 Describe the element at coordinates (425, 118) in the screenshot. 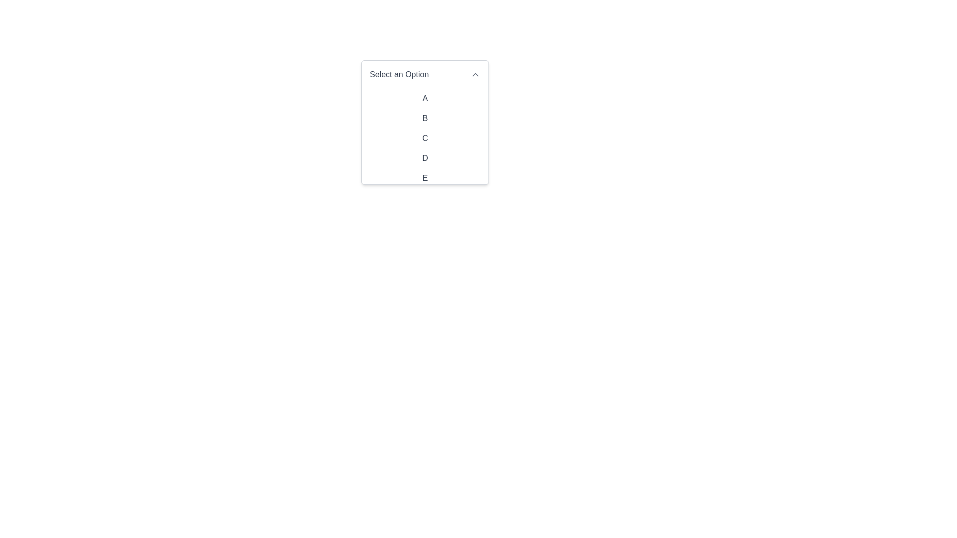

I see `the 'Text' option in the dropdown menu, which is the second item positioned below 'A' and above 'C'` at that location.